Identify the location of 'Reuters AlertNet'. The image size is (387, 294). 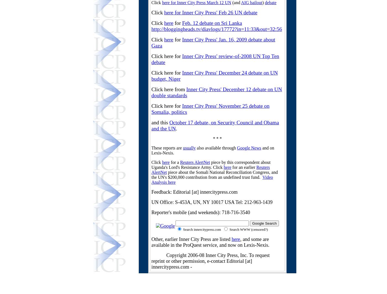
(210, 170).